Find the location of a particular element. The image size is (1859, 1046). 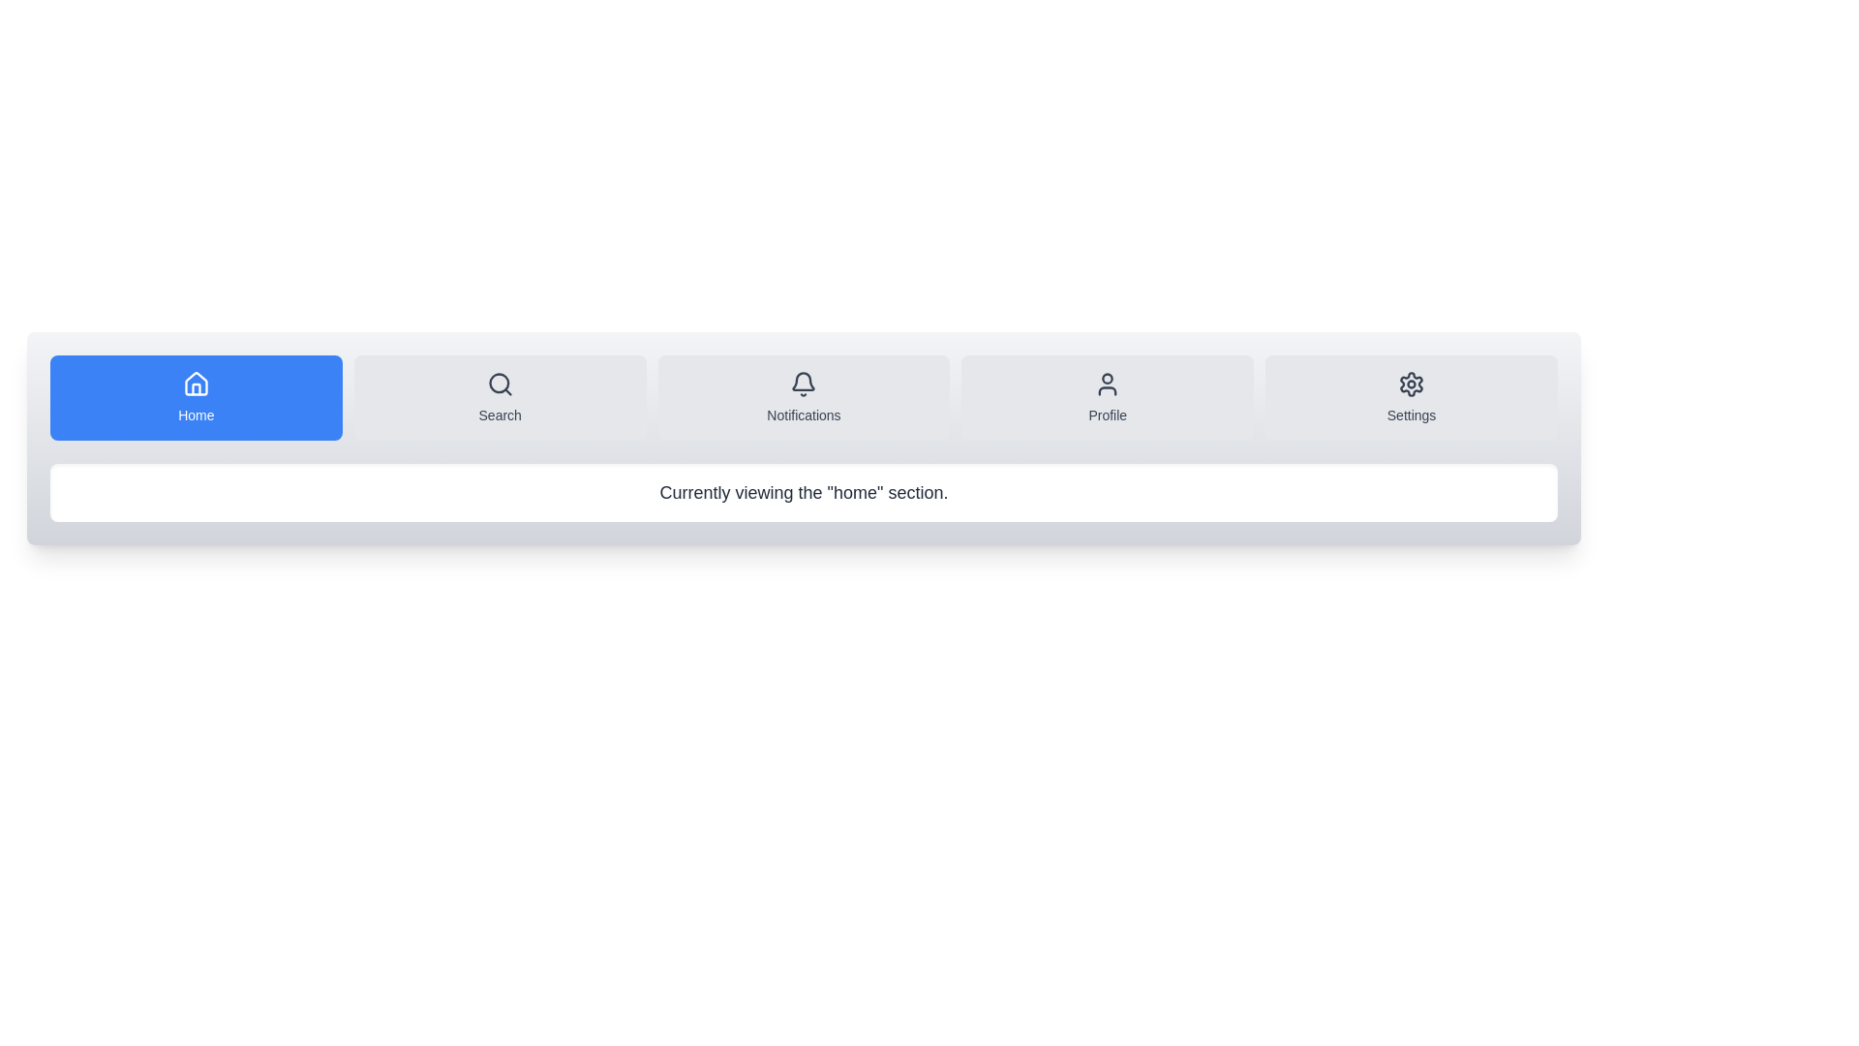

the 'Notifications' button, which is a rectangular button with a bell icon and light gray background, located centrally in the navigation bar is located at coordinates (804, 397).